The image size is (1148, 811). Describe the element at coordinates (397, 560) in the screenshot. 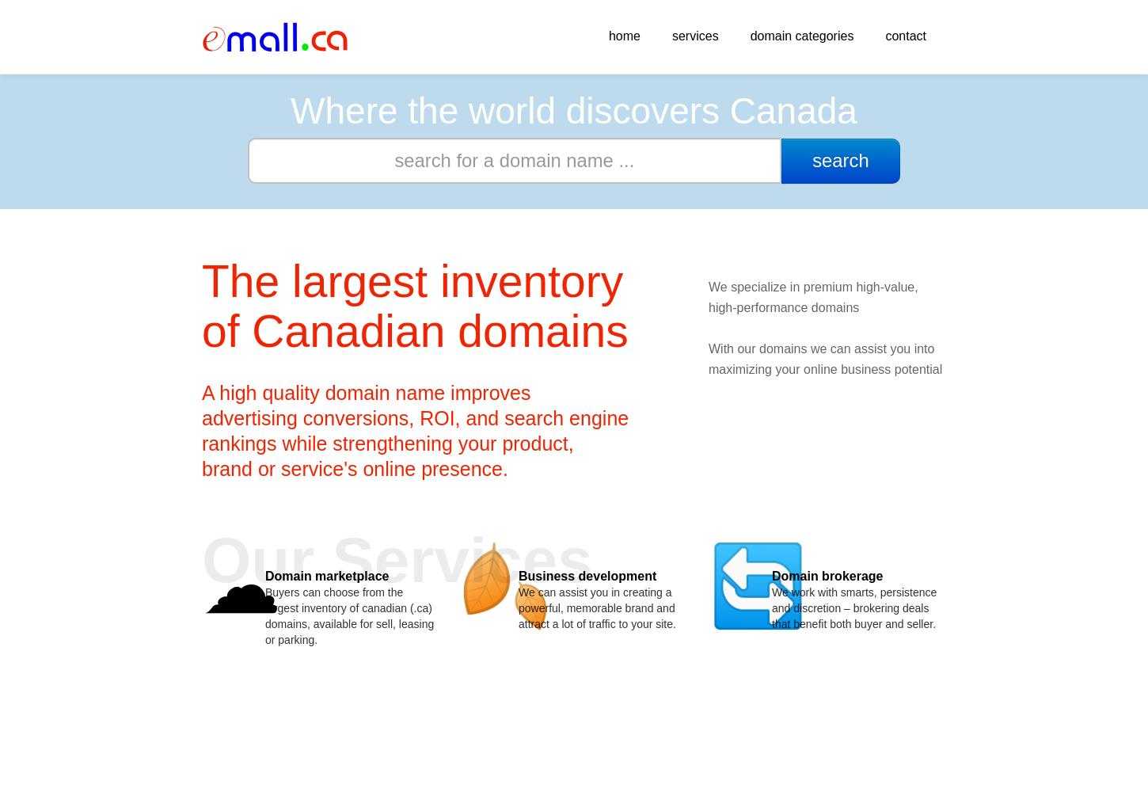

I see `'Our Services'` at that location.